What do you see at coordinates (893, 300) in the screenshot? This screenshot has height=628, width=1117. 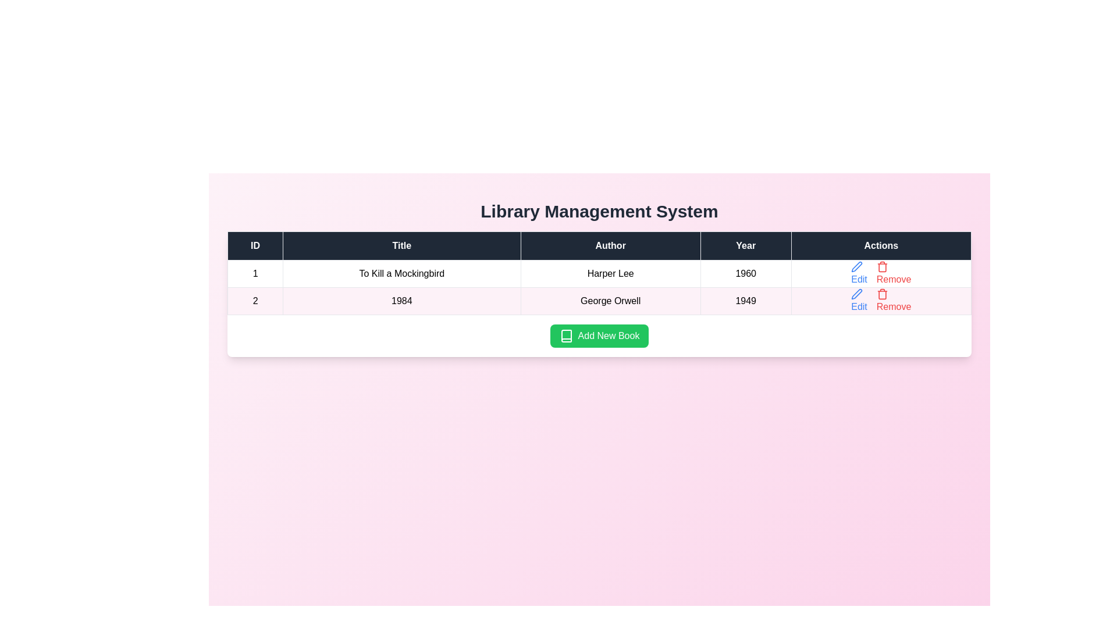 I see `the 'Remove' button, which is a red text button with a trash can icon, located` at bounding box center [893, 300].